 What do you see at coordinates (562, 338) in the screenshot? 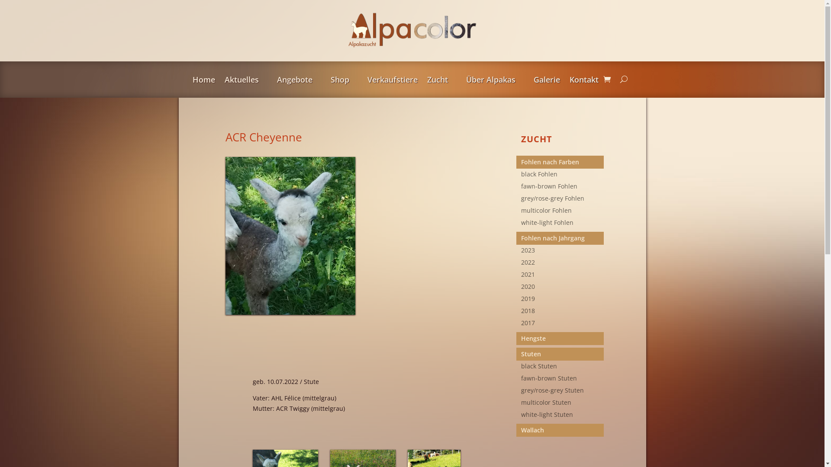
I see `'Hengste'` at bounding box center [562, 338].